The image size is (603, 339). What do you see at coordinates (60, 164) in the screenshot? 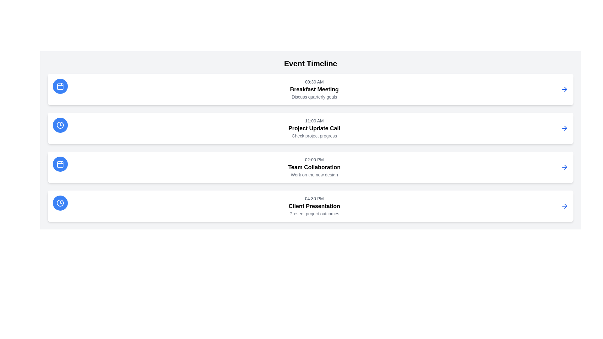
I see `the calendar event icon located on the far left of the third event entry in the vertical event timeline, which visually represents a calendar-related activity` at bounding box center [60, 164].